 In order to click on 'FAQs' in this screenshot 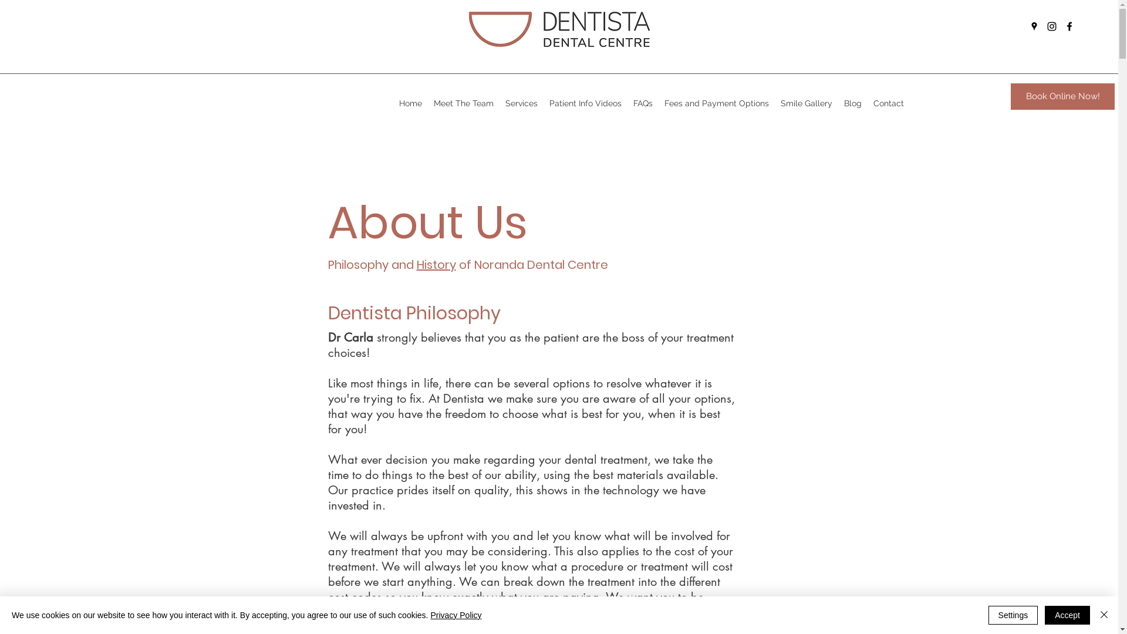, I will do `click(642, 103)`.